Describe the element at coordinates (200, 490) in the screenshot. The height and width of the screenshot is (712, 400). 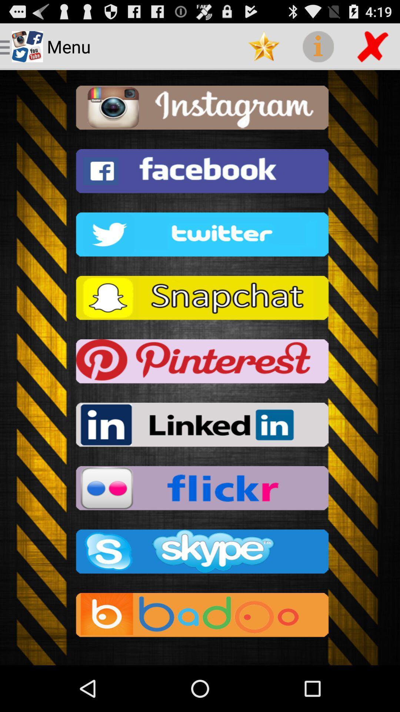
I see `flickr` at that location.